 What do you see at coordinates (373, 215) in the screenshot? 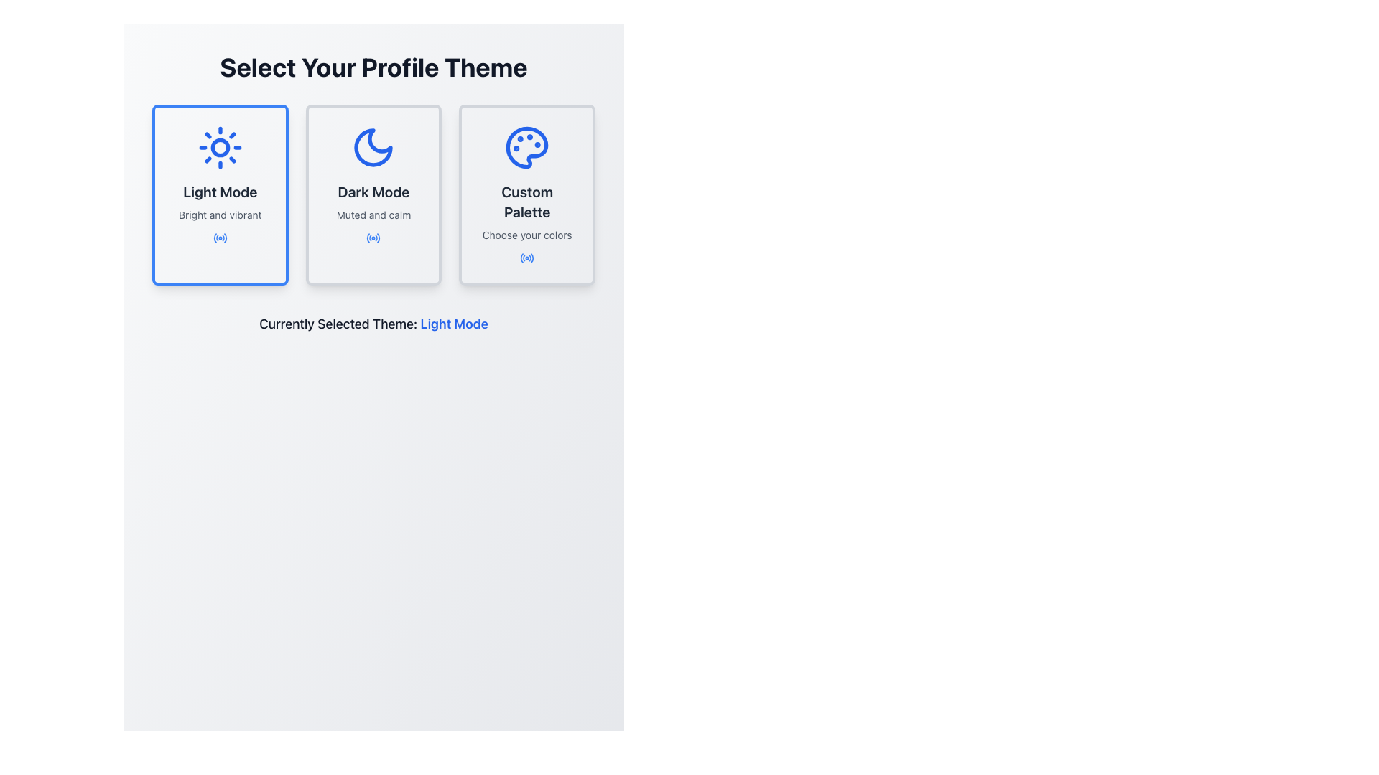
I see `the descriptive text label for the 'Dark Mode' option` at bounding box center [373, 215].